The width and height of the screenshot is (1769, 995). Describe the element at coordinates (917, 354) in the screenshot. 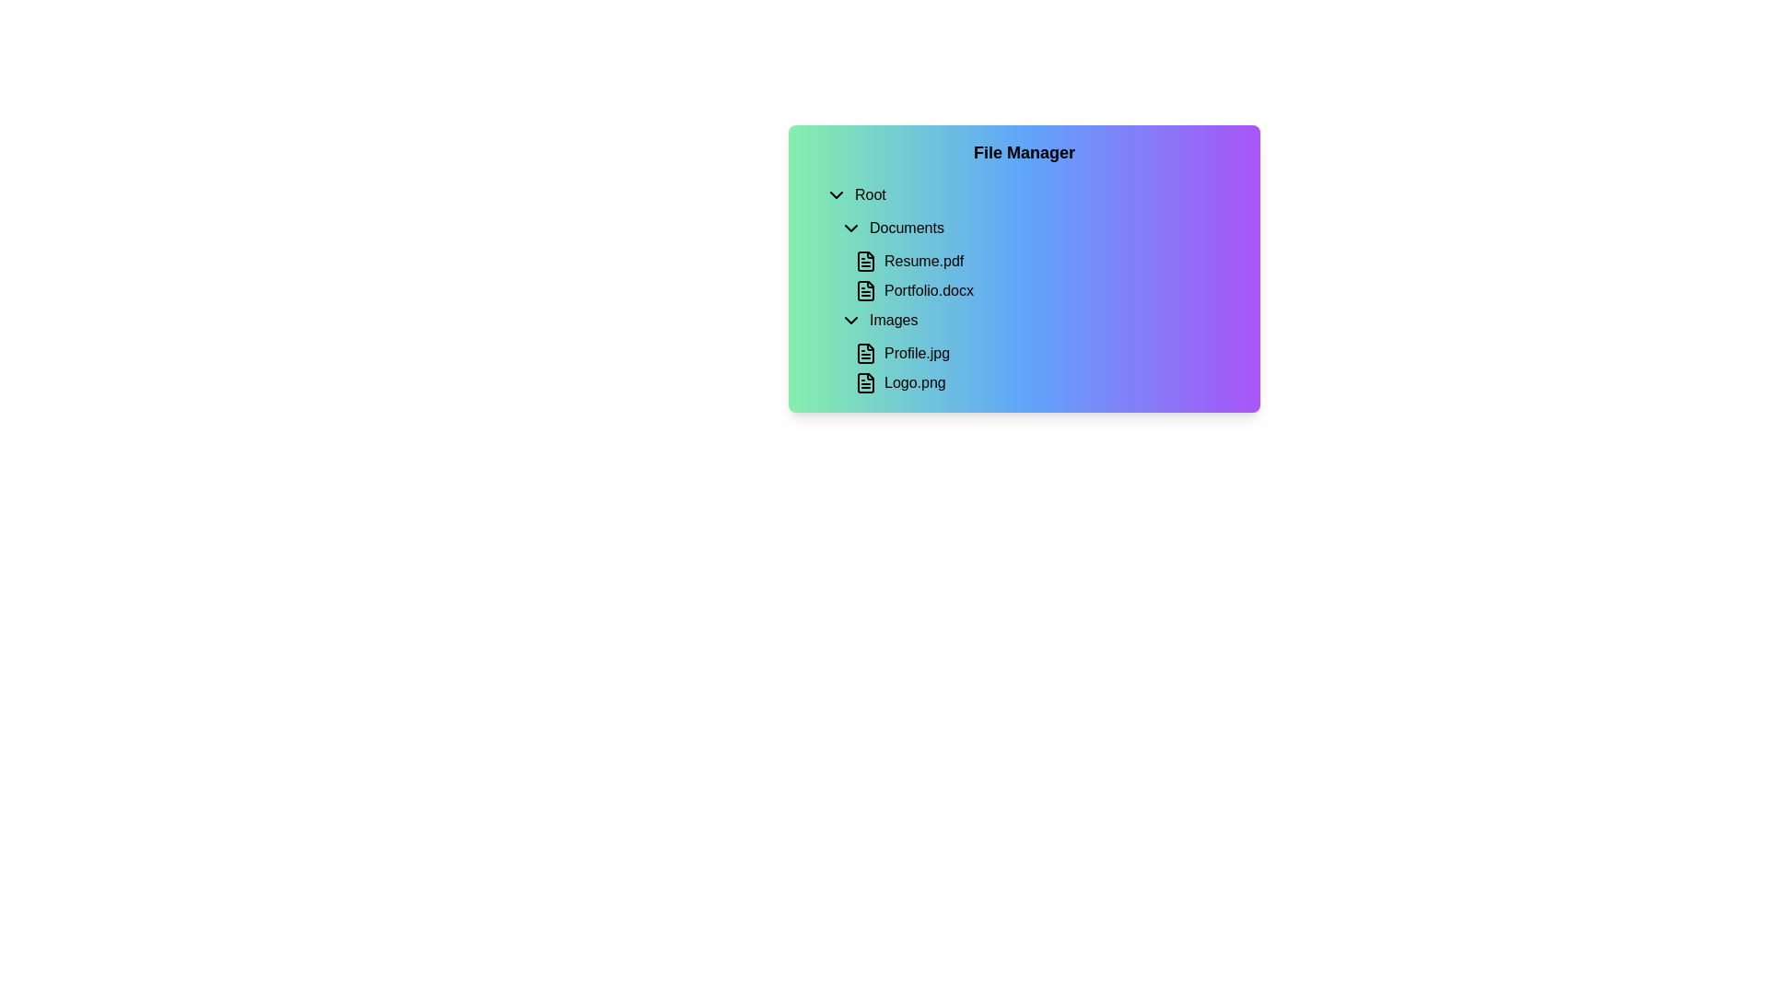

I see `the text label displaying the file name 'Profile.jpg' within the 'Images' folder of the file management interface` at that location.